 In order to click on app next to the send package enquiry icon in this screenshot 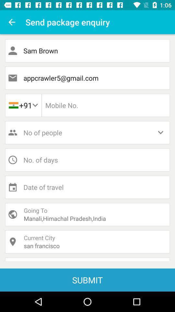, I will do `click(12, 22)`.